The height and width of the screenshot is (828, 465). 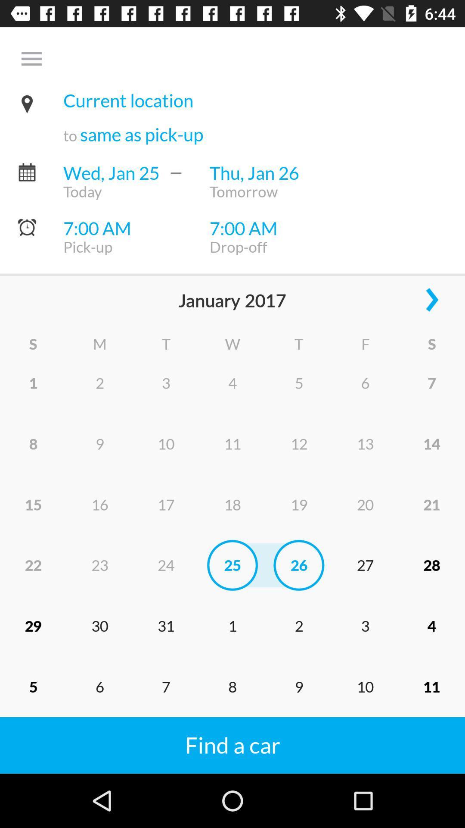 What do you see at coordinates (431, 305) in the screenshot?
I see `the arrow_forward icon` at bounding box center [431, 305].